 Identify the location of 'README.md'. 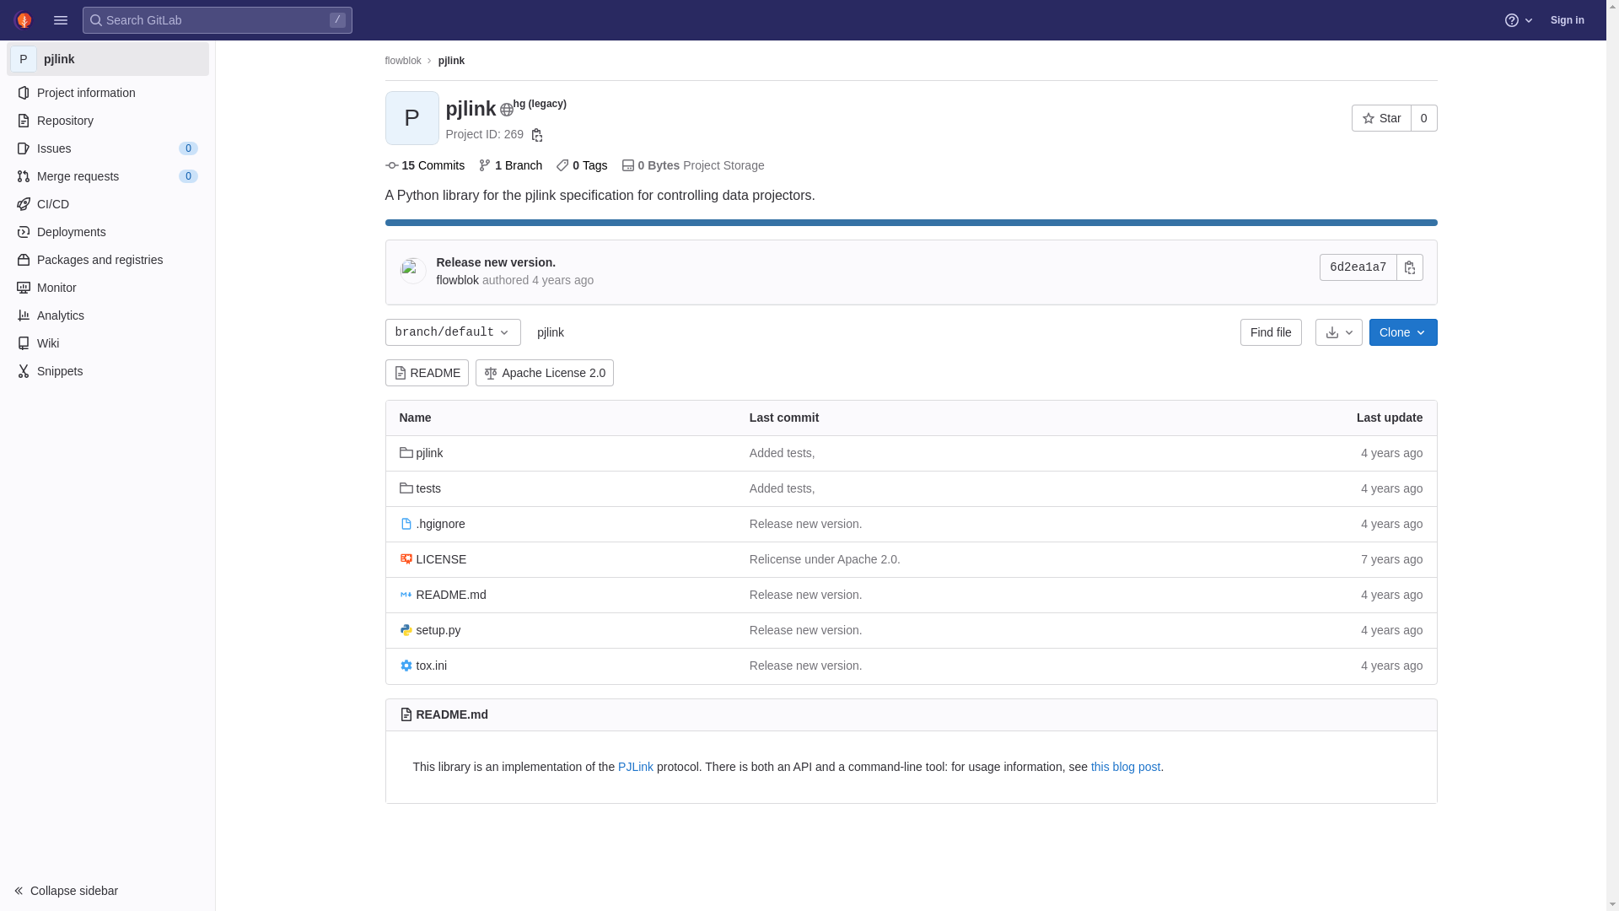
(443, 594).